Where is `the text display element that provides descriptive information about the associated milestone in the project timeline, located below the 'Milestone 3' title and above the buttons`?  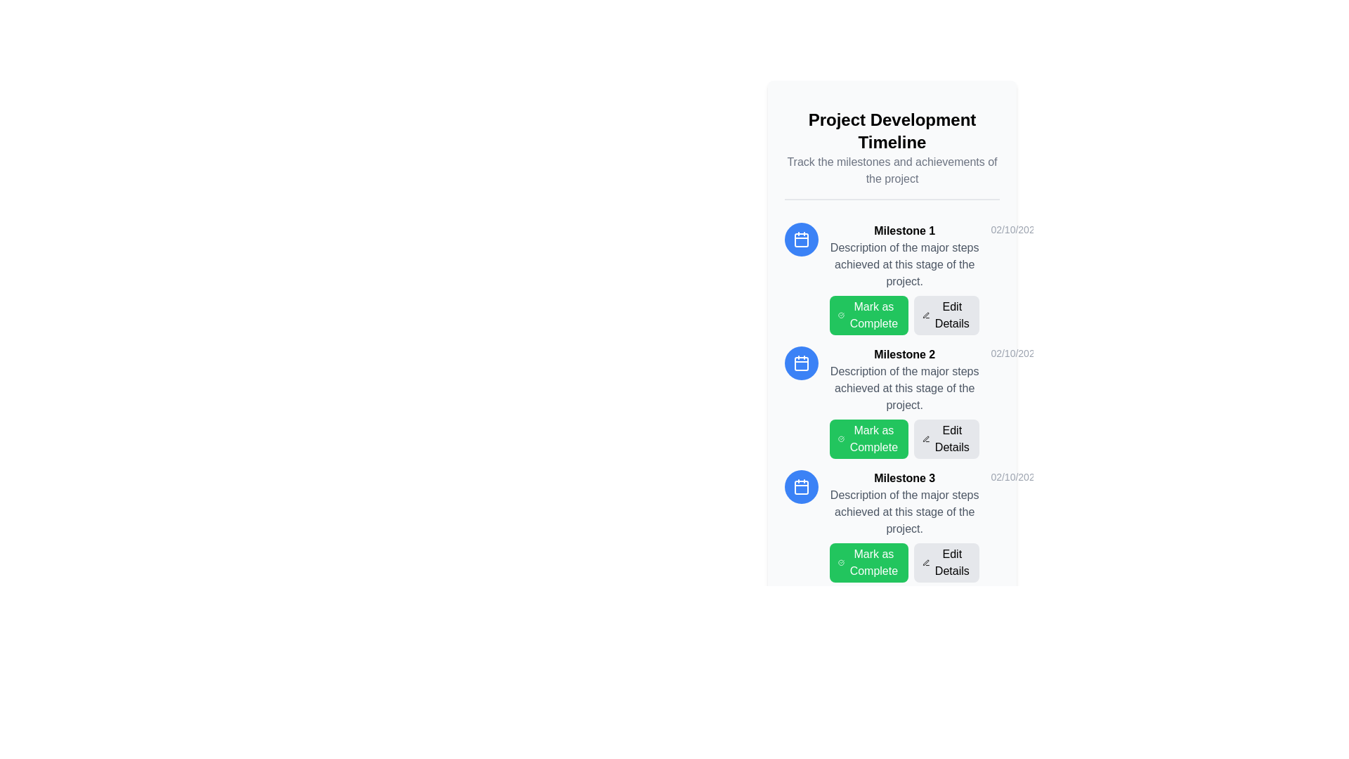
the text display element that provides descriptive information about the associated milestone in the project timeline, located below the 'Milestone 3' title and above the buttons is located at coordinates (904, 512).